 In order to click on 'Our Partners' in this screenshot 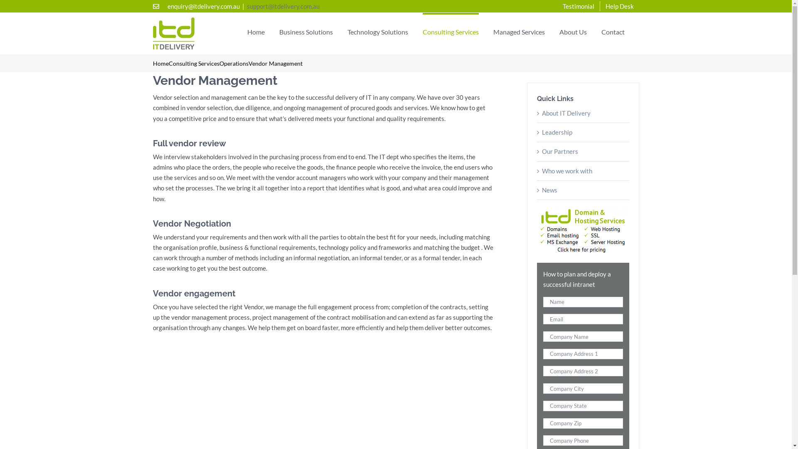, I will do `click(560, 151)`.